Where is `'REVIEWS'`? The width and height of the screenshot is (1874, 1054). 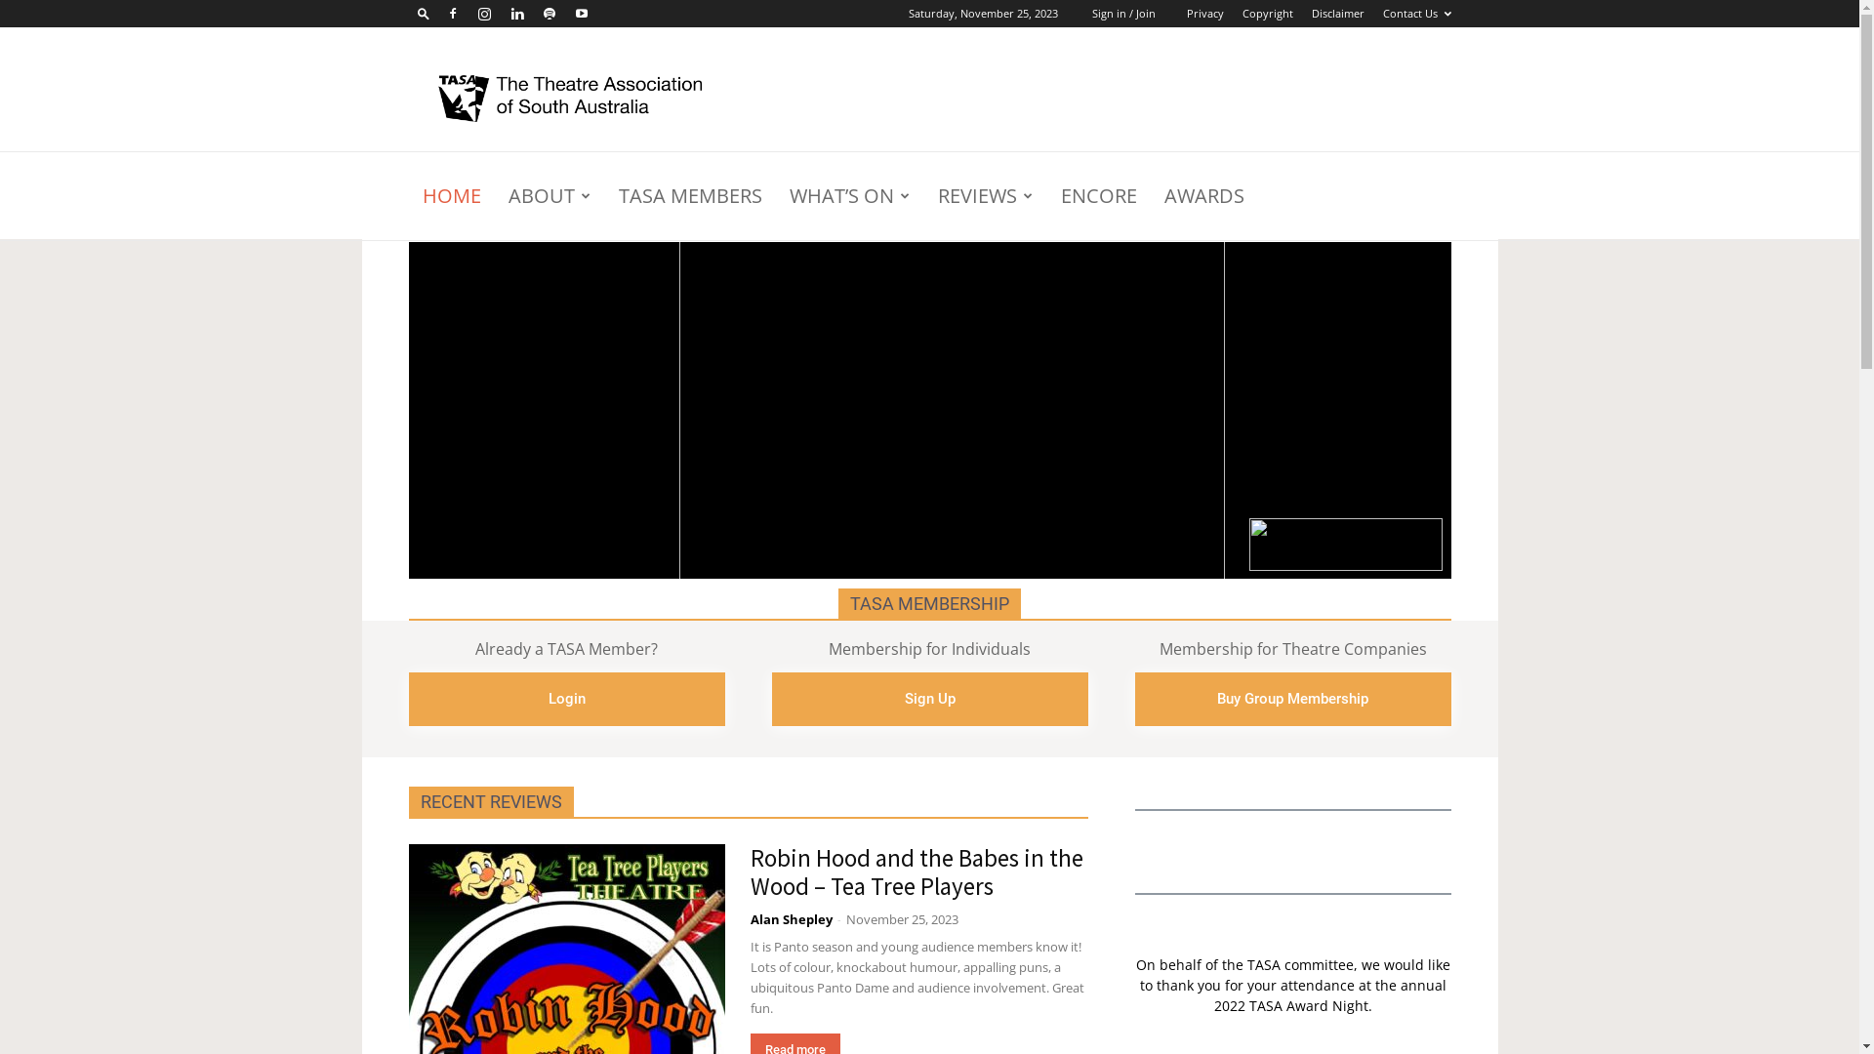 'REVIEWS' is located at coordinates (984, 195).